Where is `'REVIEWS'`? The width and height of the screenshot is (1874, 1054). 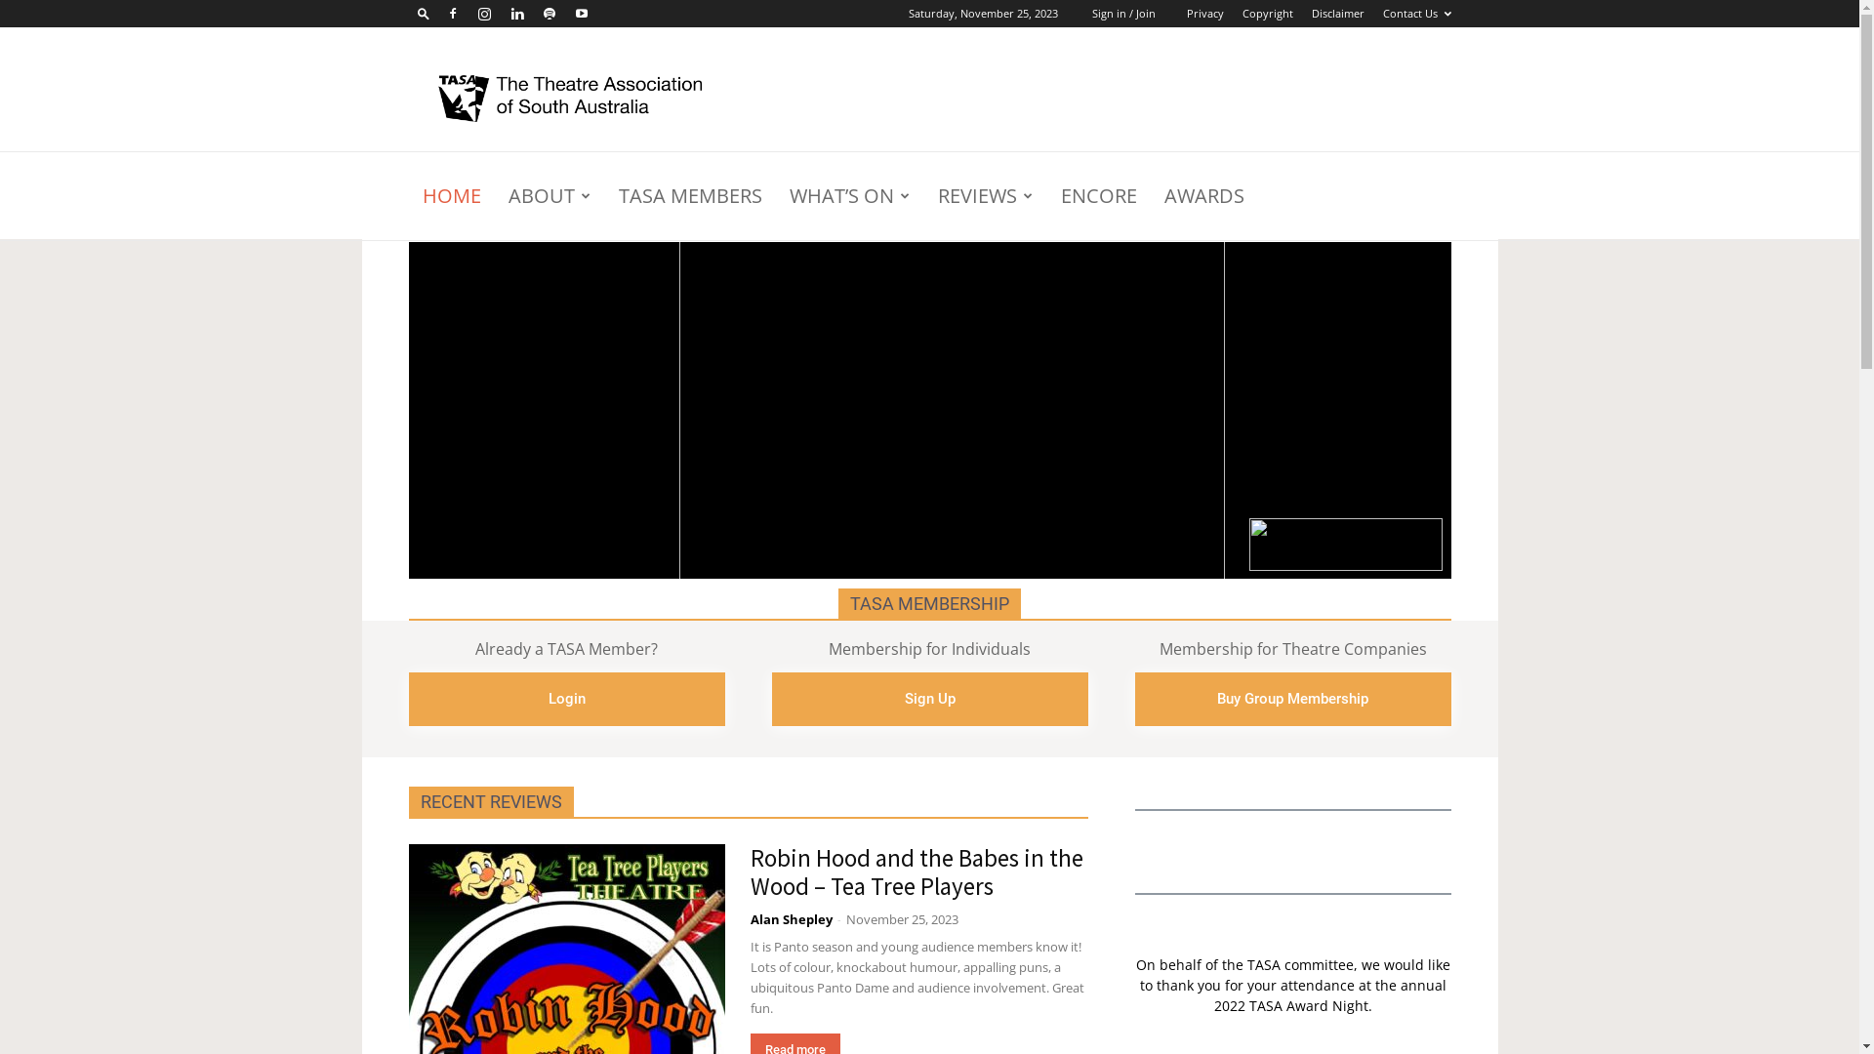 'REVIEWS' is located at coordinates (984, 195).